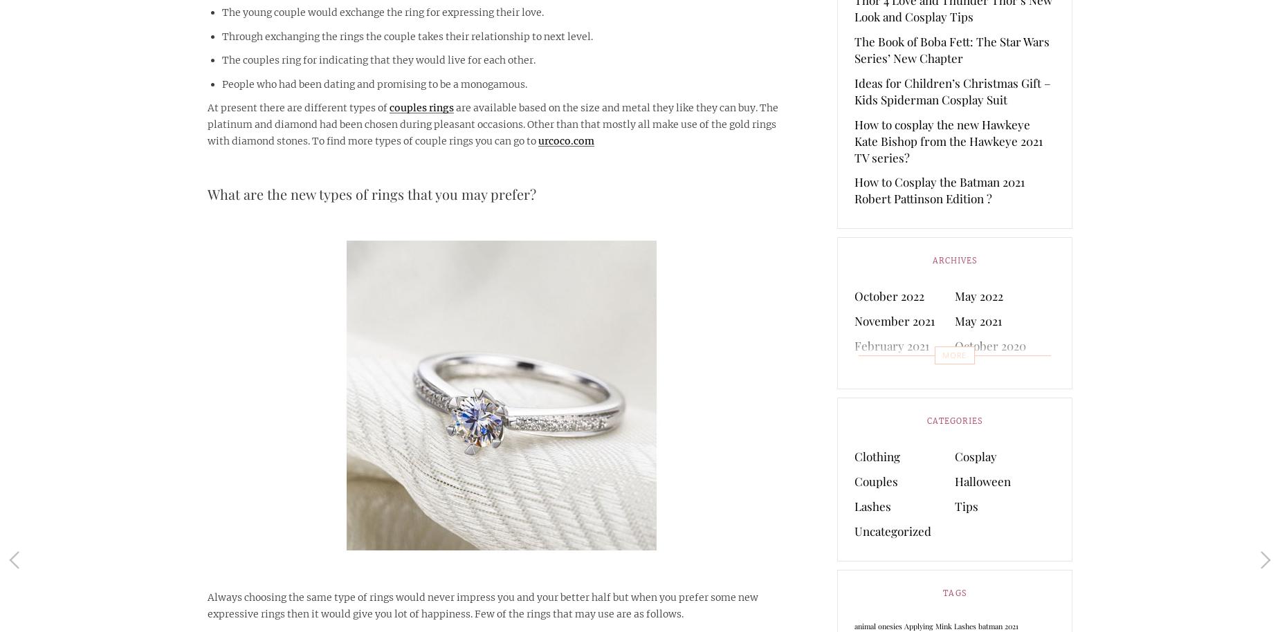 The image size is (1280, 632). I want to click on 'May 2022', so click(979, 295).